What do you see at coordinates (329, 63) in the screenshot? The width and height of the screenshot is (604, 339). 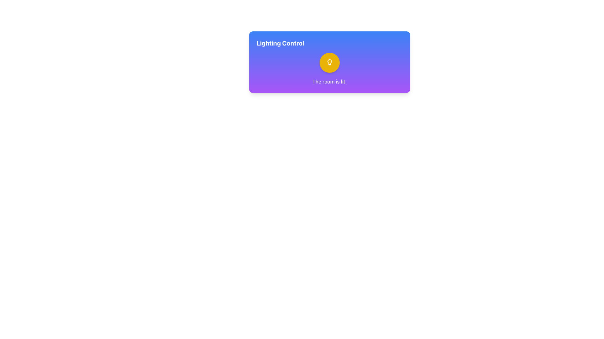 I see `the circular yellow button with a white light bulb icon` at bounding box center [329, 63].